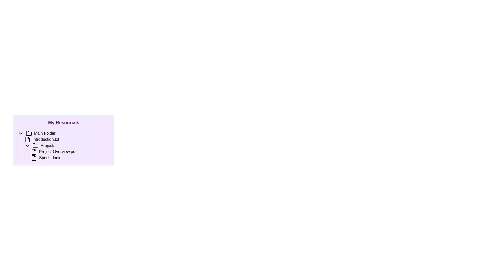 The height and width of the screenshot is (276, 490). I want to click on the 'Main Folder' tree item, which is the first entry under 'My Resources', so click(63, 133).